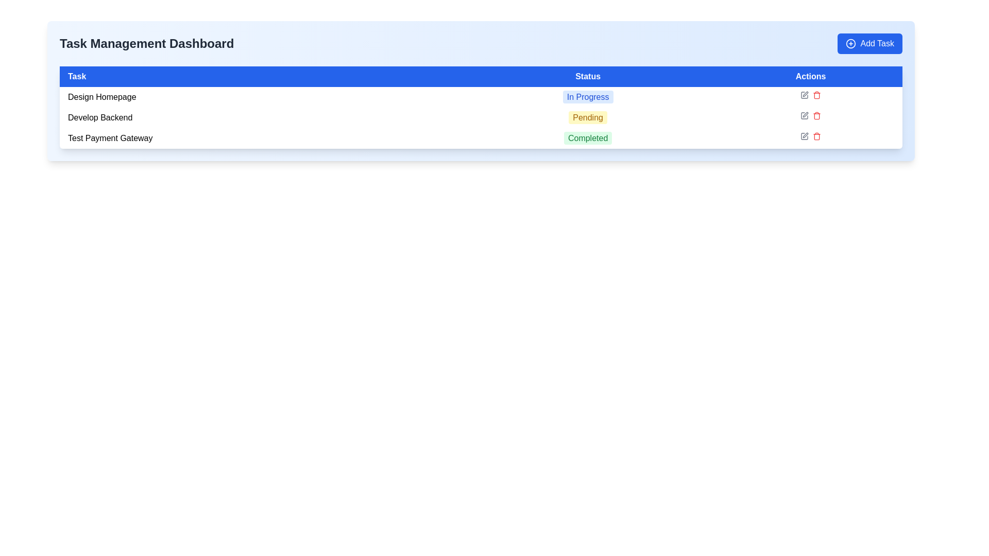  I want to click on the 'Add Task' button located in the top-right corner of the 'Task Management Dashboard', so click(869, 43).